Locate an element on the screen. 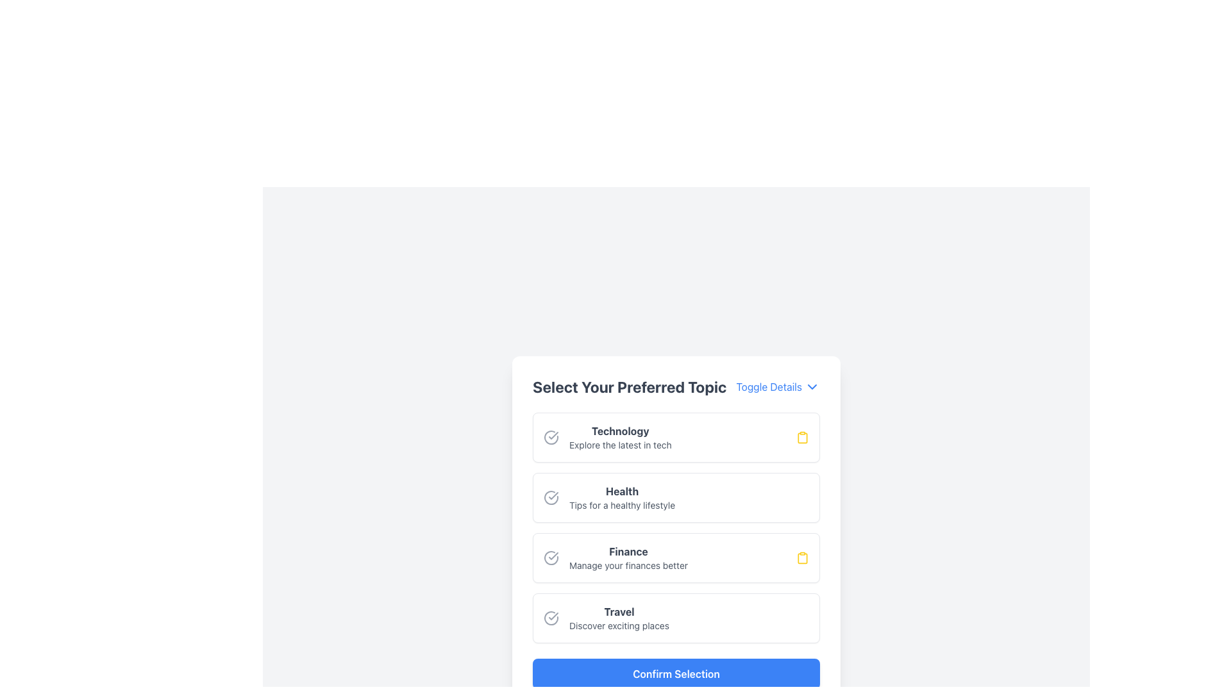 The width and height of the screenshot is (1231, 692). the small downward-pointing chevron icon with a blue outline located immediately to the right of the 'Toggle Details' text in the top-right corner of the 'Select Your Preferred Topic' section is located at coordinates (812, 386).